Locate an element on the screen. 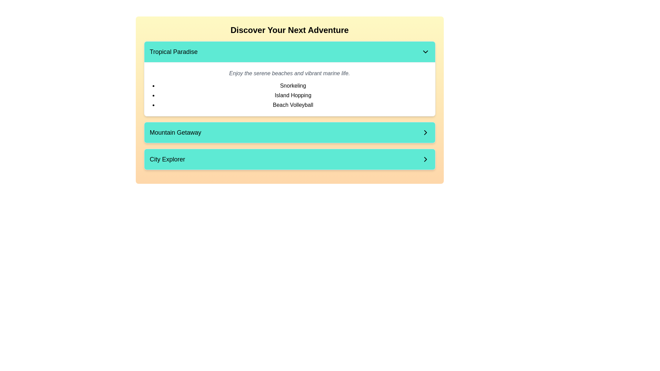 This screenshot has width=660, height=371. the Content block with a white background and gray top border containing the text 'Enjoy the serene beaches and vibrant marine life.' and a bulleted list of activities like 'Snorkeling', 'Island Hopping', and 'Beach Volleyball' located in the 'Tropical Paradise' section is located at coordinates (289, 89).